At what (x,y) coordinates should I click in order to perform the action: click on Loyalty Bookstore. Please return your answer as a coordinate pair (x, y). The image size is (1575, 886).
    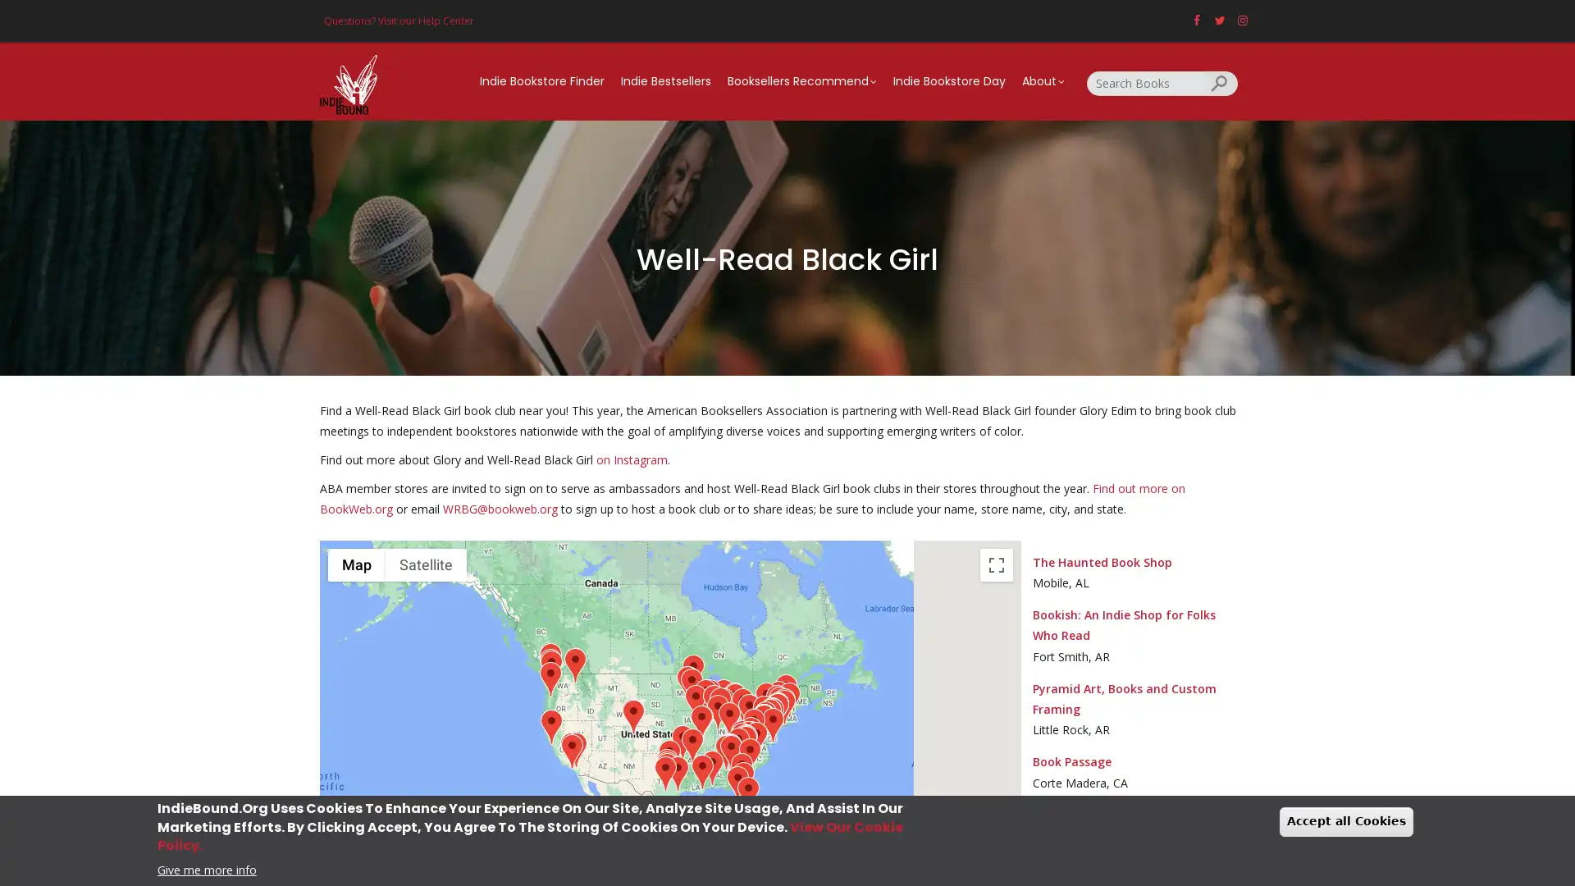
    Looking at the image, I should click on (762, 719).